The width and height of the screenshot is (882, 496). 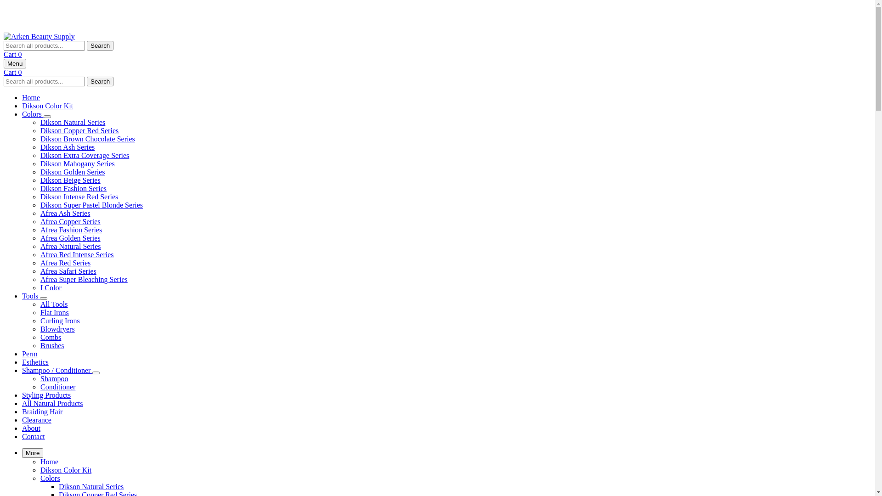 What do you see at coordinates (52, 345) in the screenshot?
I see `'Brushes'` at bounding box center [52, 345].